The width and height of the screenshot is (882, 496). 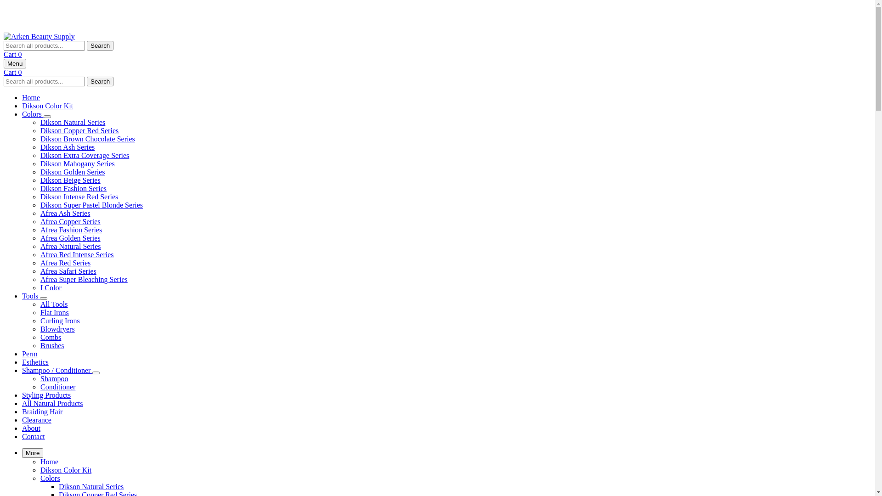 What do you see at coordinates (52, 345) in the screenshot?
I see `'Brushes'` at bounding box center [52, 345].